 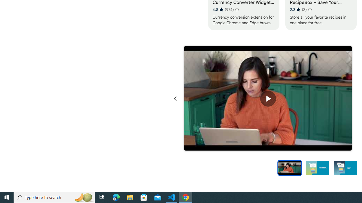 I want to click on 'Preview slide 2', so click(x=317, y=167).